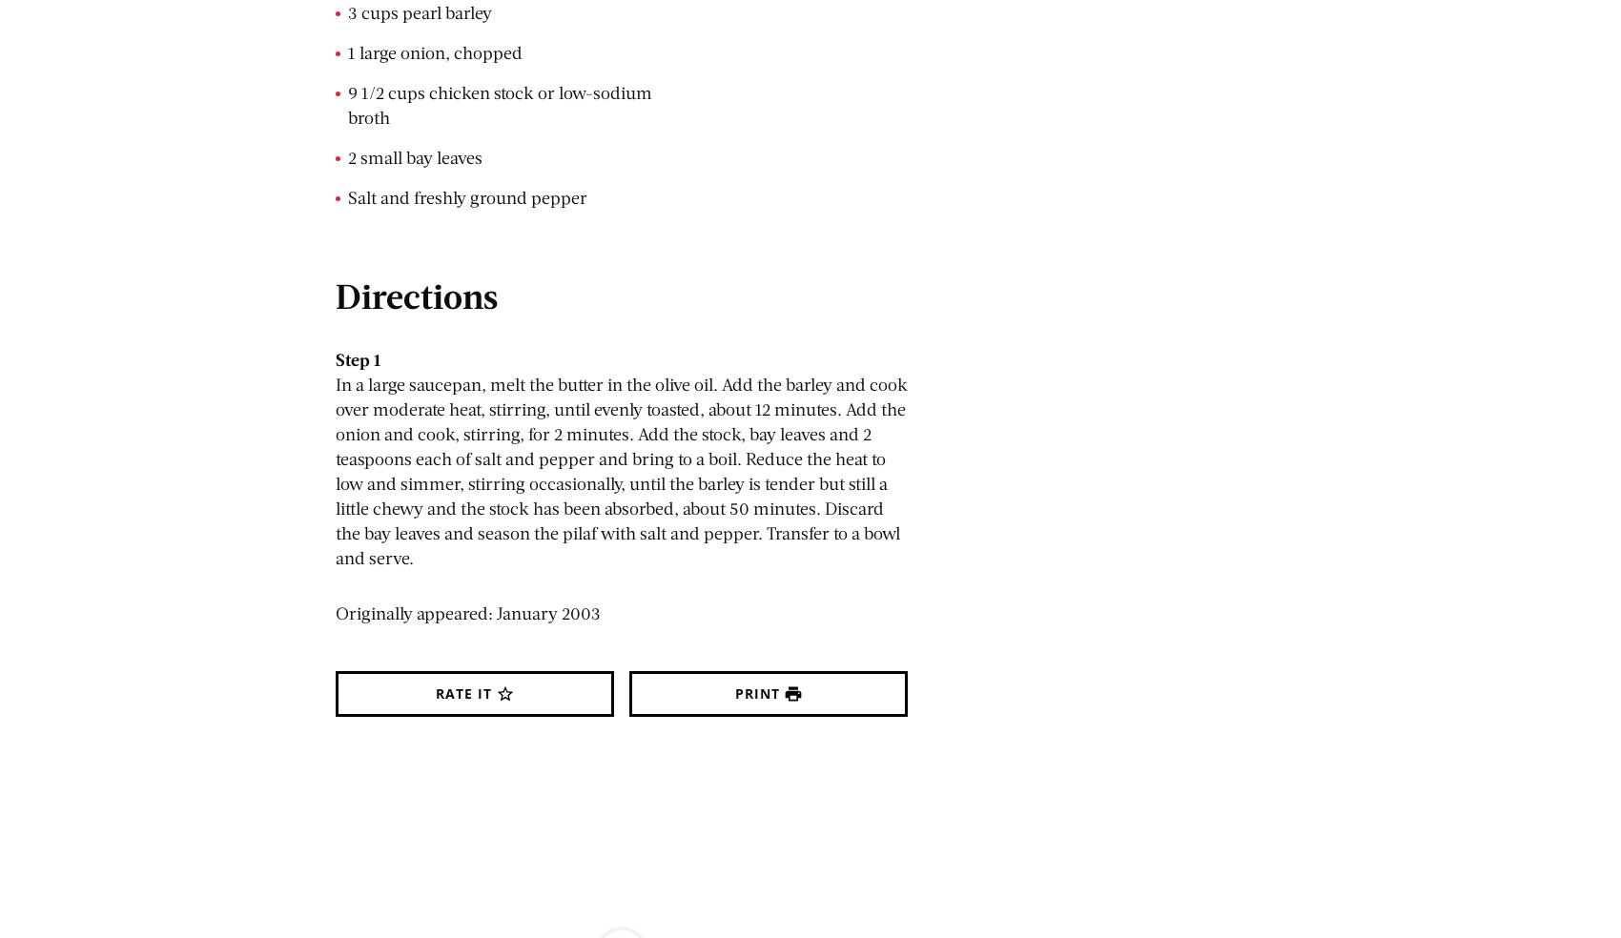 The height and width of the screenshot is (938, 1621). I want to click on 'In a large saucepan, melt the butter in the olive oil. Add the barley and cook over moderate heat, stirring, until evenly toasted, about 12 minutes. Add the onion and cook, stirring, for 2 minutes. Add the stock, bay leaves and 2 teaspoons each of salt and pepper and bring to a boil. Reduce the heat to low and simmer, stirring occasionally, until the barley is tender but still a little chewy and the stock has been absorbed, about 50 minutes. Discard the bay leaves and season the pilaf with salt and pepper. Transfer to a bowl and serve.', so click(621, 469).